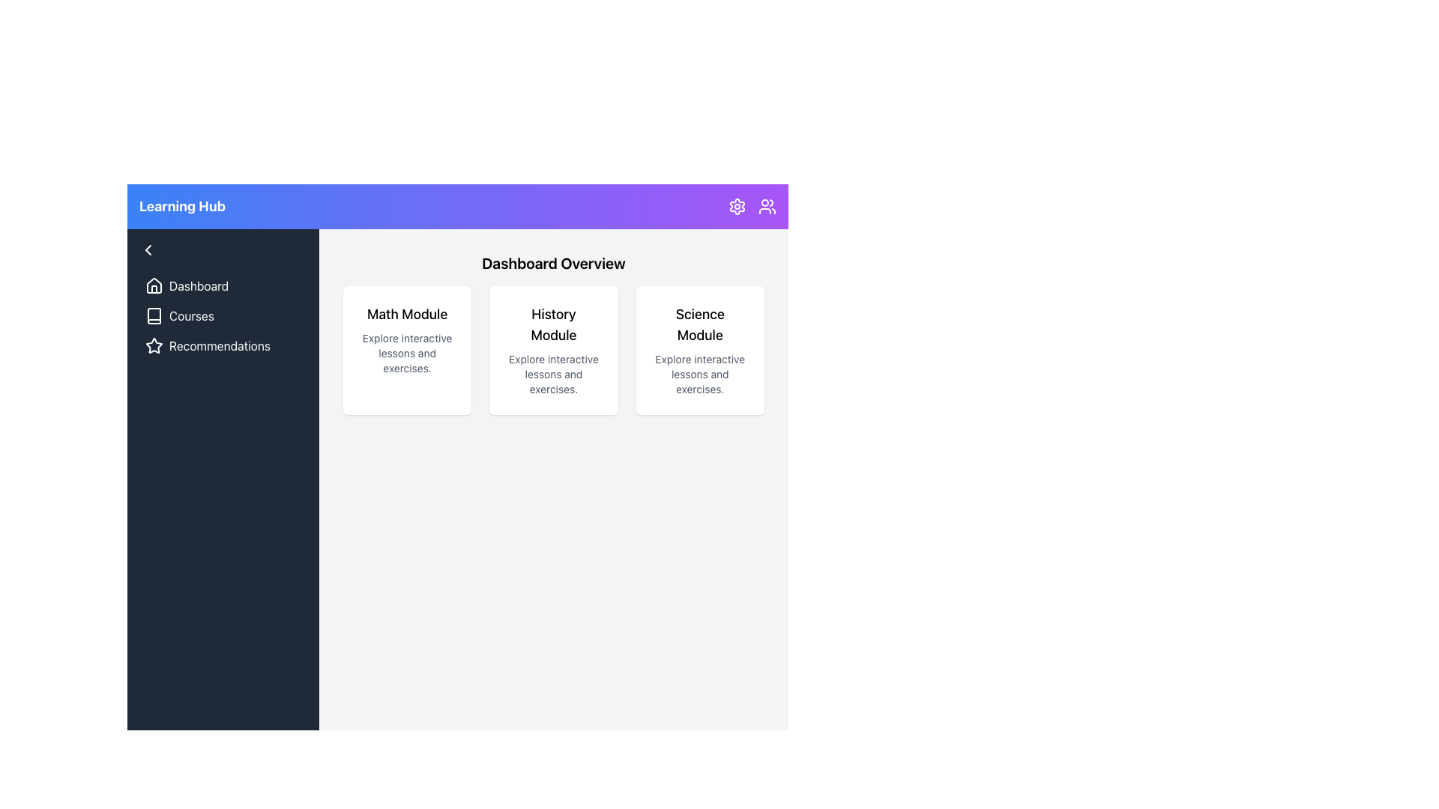 This screenshot has width=1439, height=809. I want to click on the gear icon in the top-right corner of the page, so click(737, 207).